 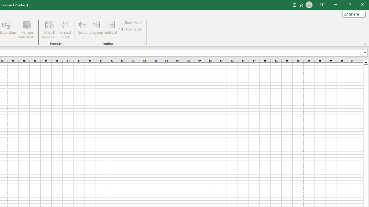 I want to click on 'Manage Data Model', so click(x=26, y=30).